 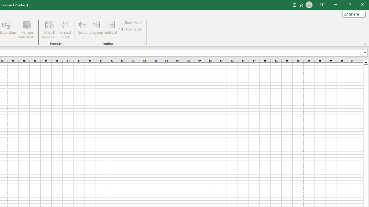 I want to click on 'Manage Data Model', so click(x=26, y=30).